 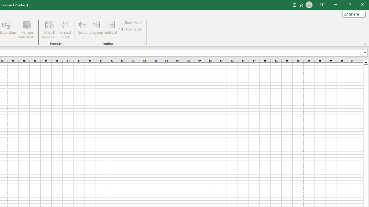 I want to click on 'Manage Data Model', so click(x=26, y=30).